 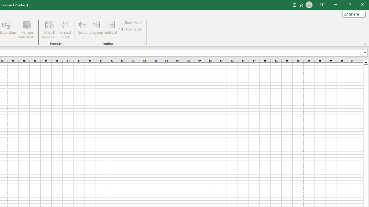 I want to click on 'Manage Data Model', so click(x=26, y=30).